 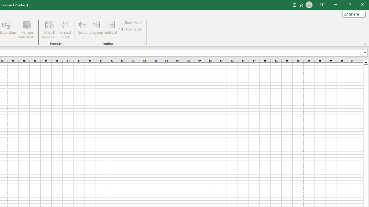 I want to click on 'Manage Data Model', so click(x=26, y=30).